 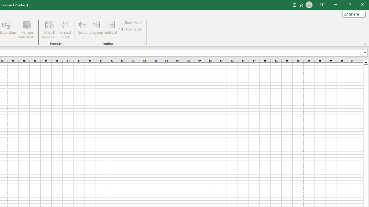 I want to click on 'Manage Data Model', so click(x=26, y=30).